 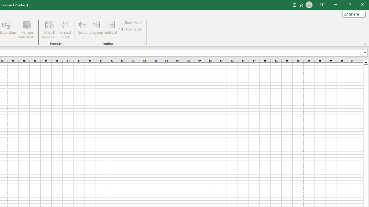 I want to click on 'Manage Data Model', so click(x=26, y=30).